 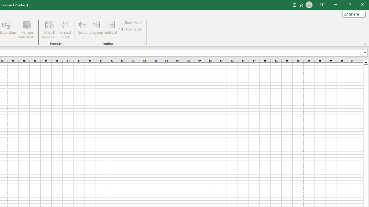 I want to click on 'Manage Data Model', so click(x=26, y=30).